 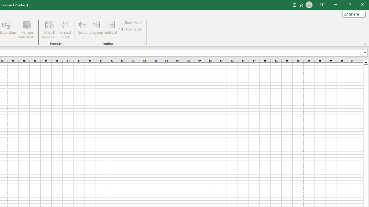 I want to click on 'Manage Data Model', so click(x=26, y=30).